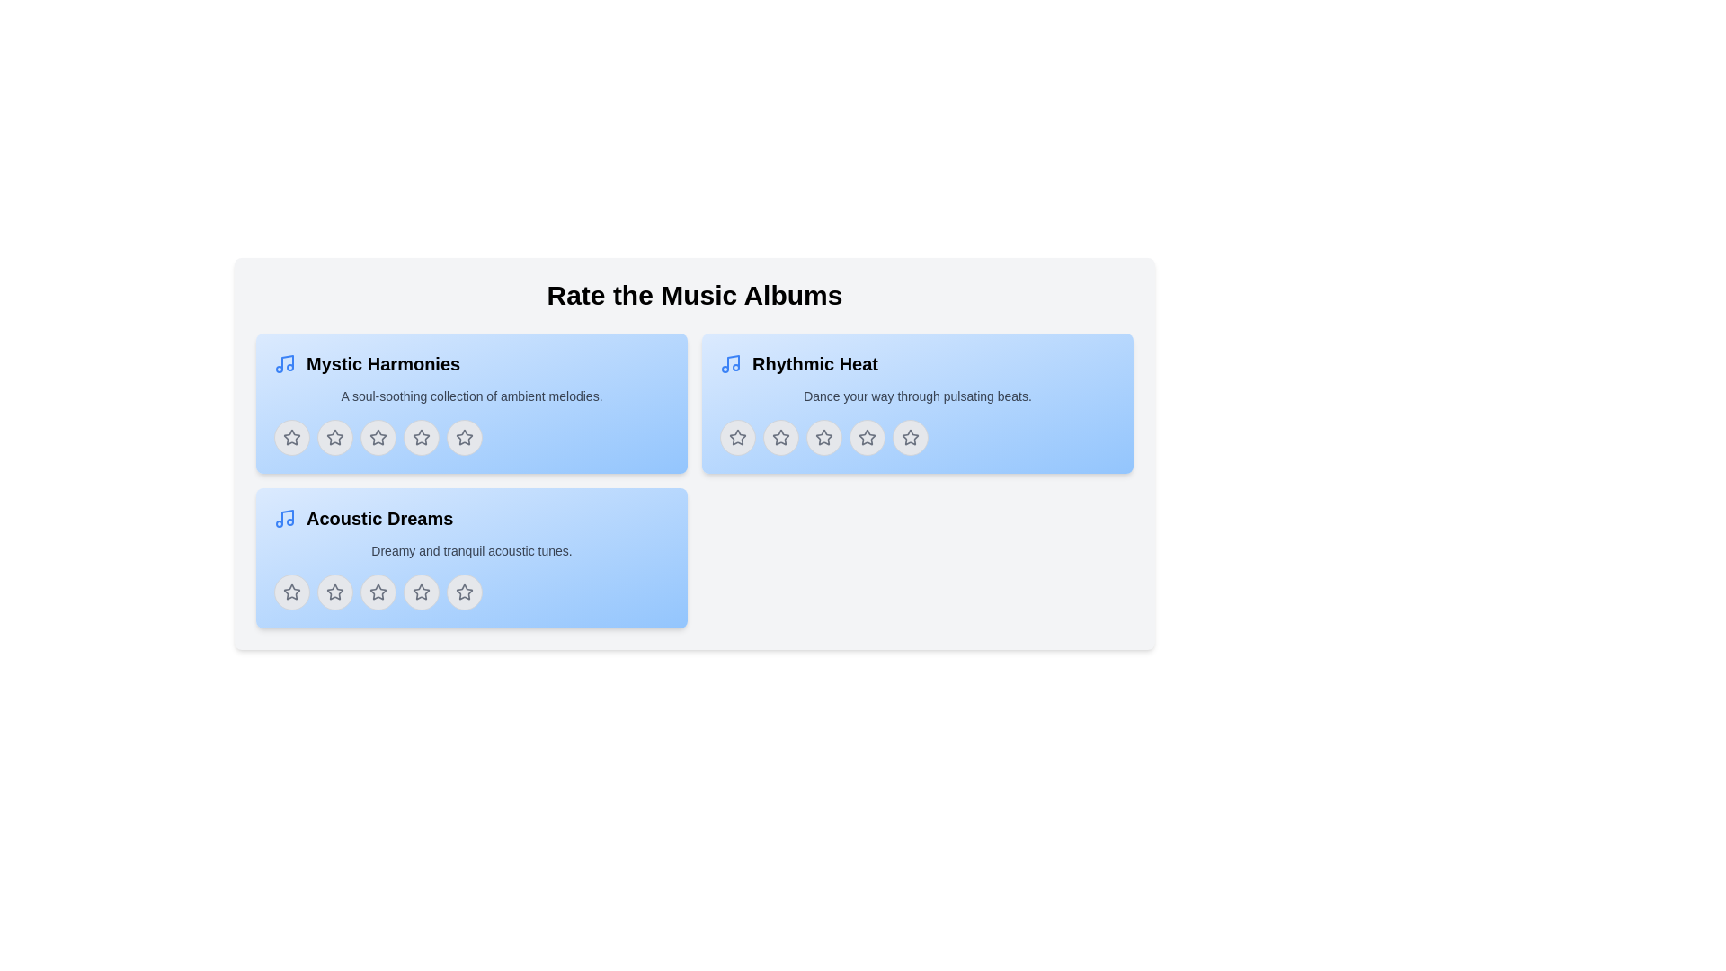 Image resolution: width=1726 pixels, height=971 pixels. What do you see at coordinates (378, 592) in the screenshot?
I see `the second star in the rating system below the 'Acoustic Dreams' section` at bounding box center [378, 592].